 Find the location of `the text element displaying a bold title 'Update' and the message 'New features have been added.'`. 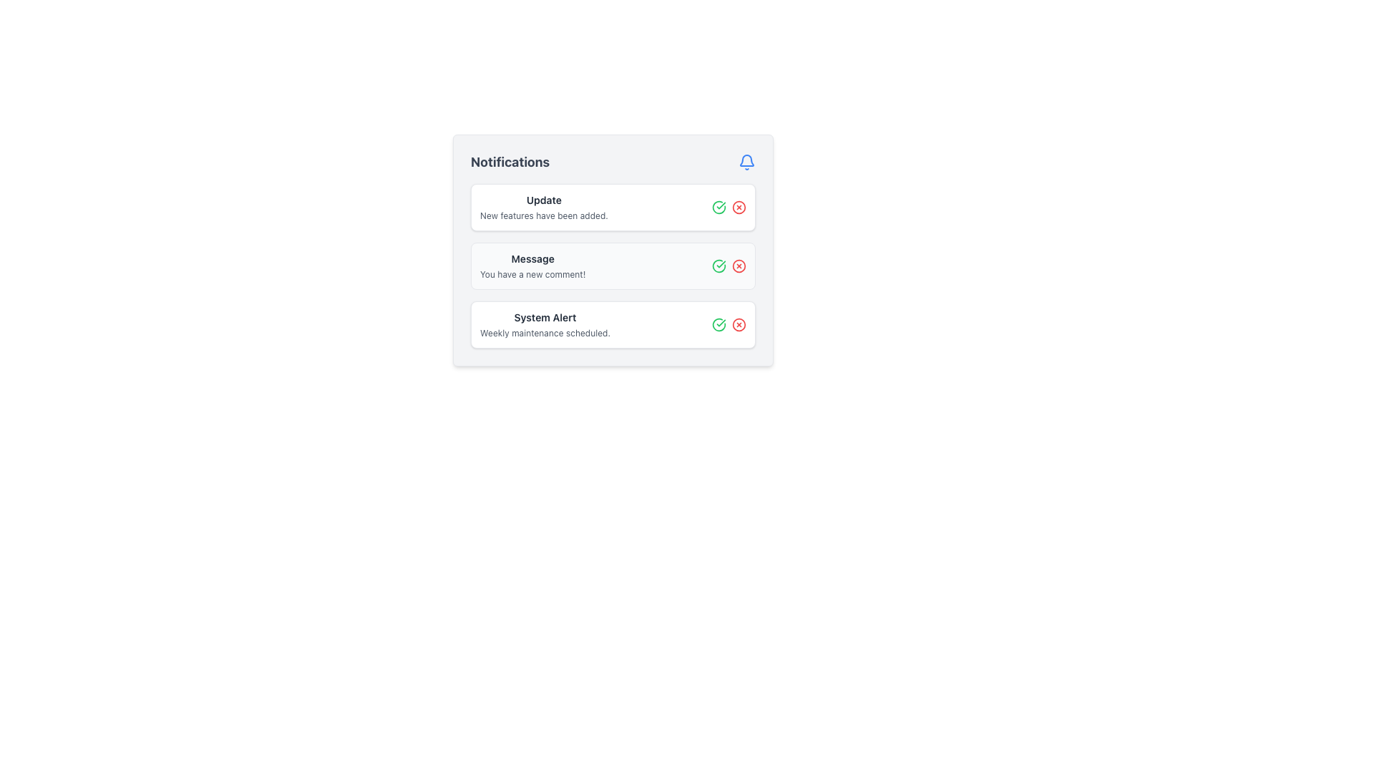

the text element displaying a bold title 'Update' and the message 'New features have been added.' is located at coordinates (543, 207).